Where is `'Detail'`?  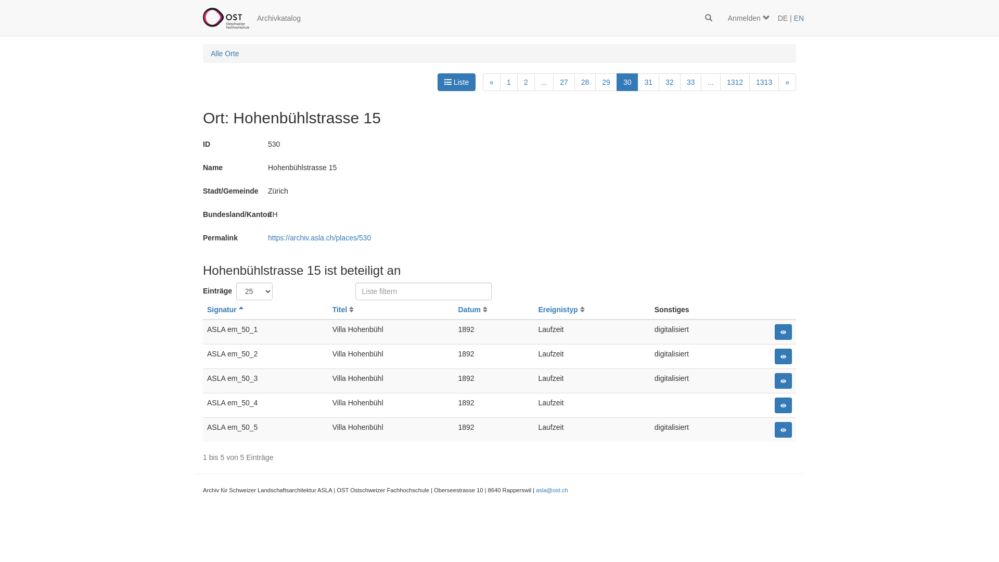 'Detail' is located at coordinates (774, 331).